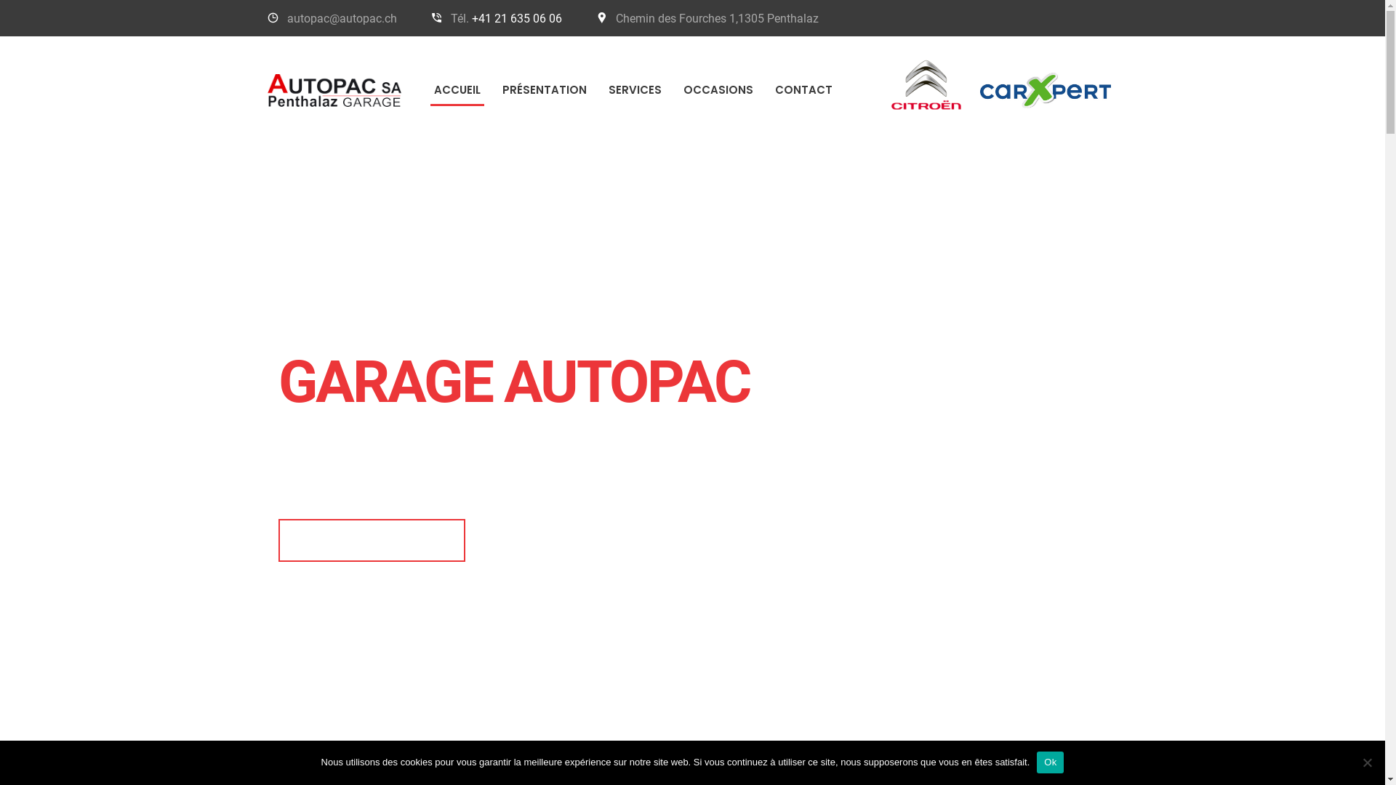 The height and width of the screenshot is (785, 1396). What do you see at coordinates (802, 89) in the screenshot?
I see `'CONTACT'` at bounding box center [802, 89].